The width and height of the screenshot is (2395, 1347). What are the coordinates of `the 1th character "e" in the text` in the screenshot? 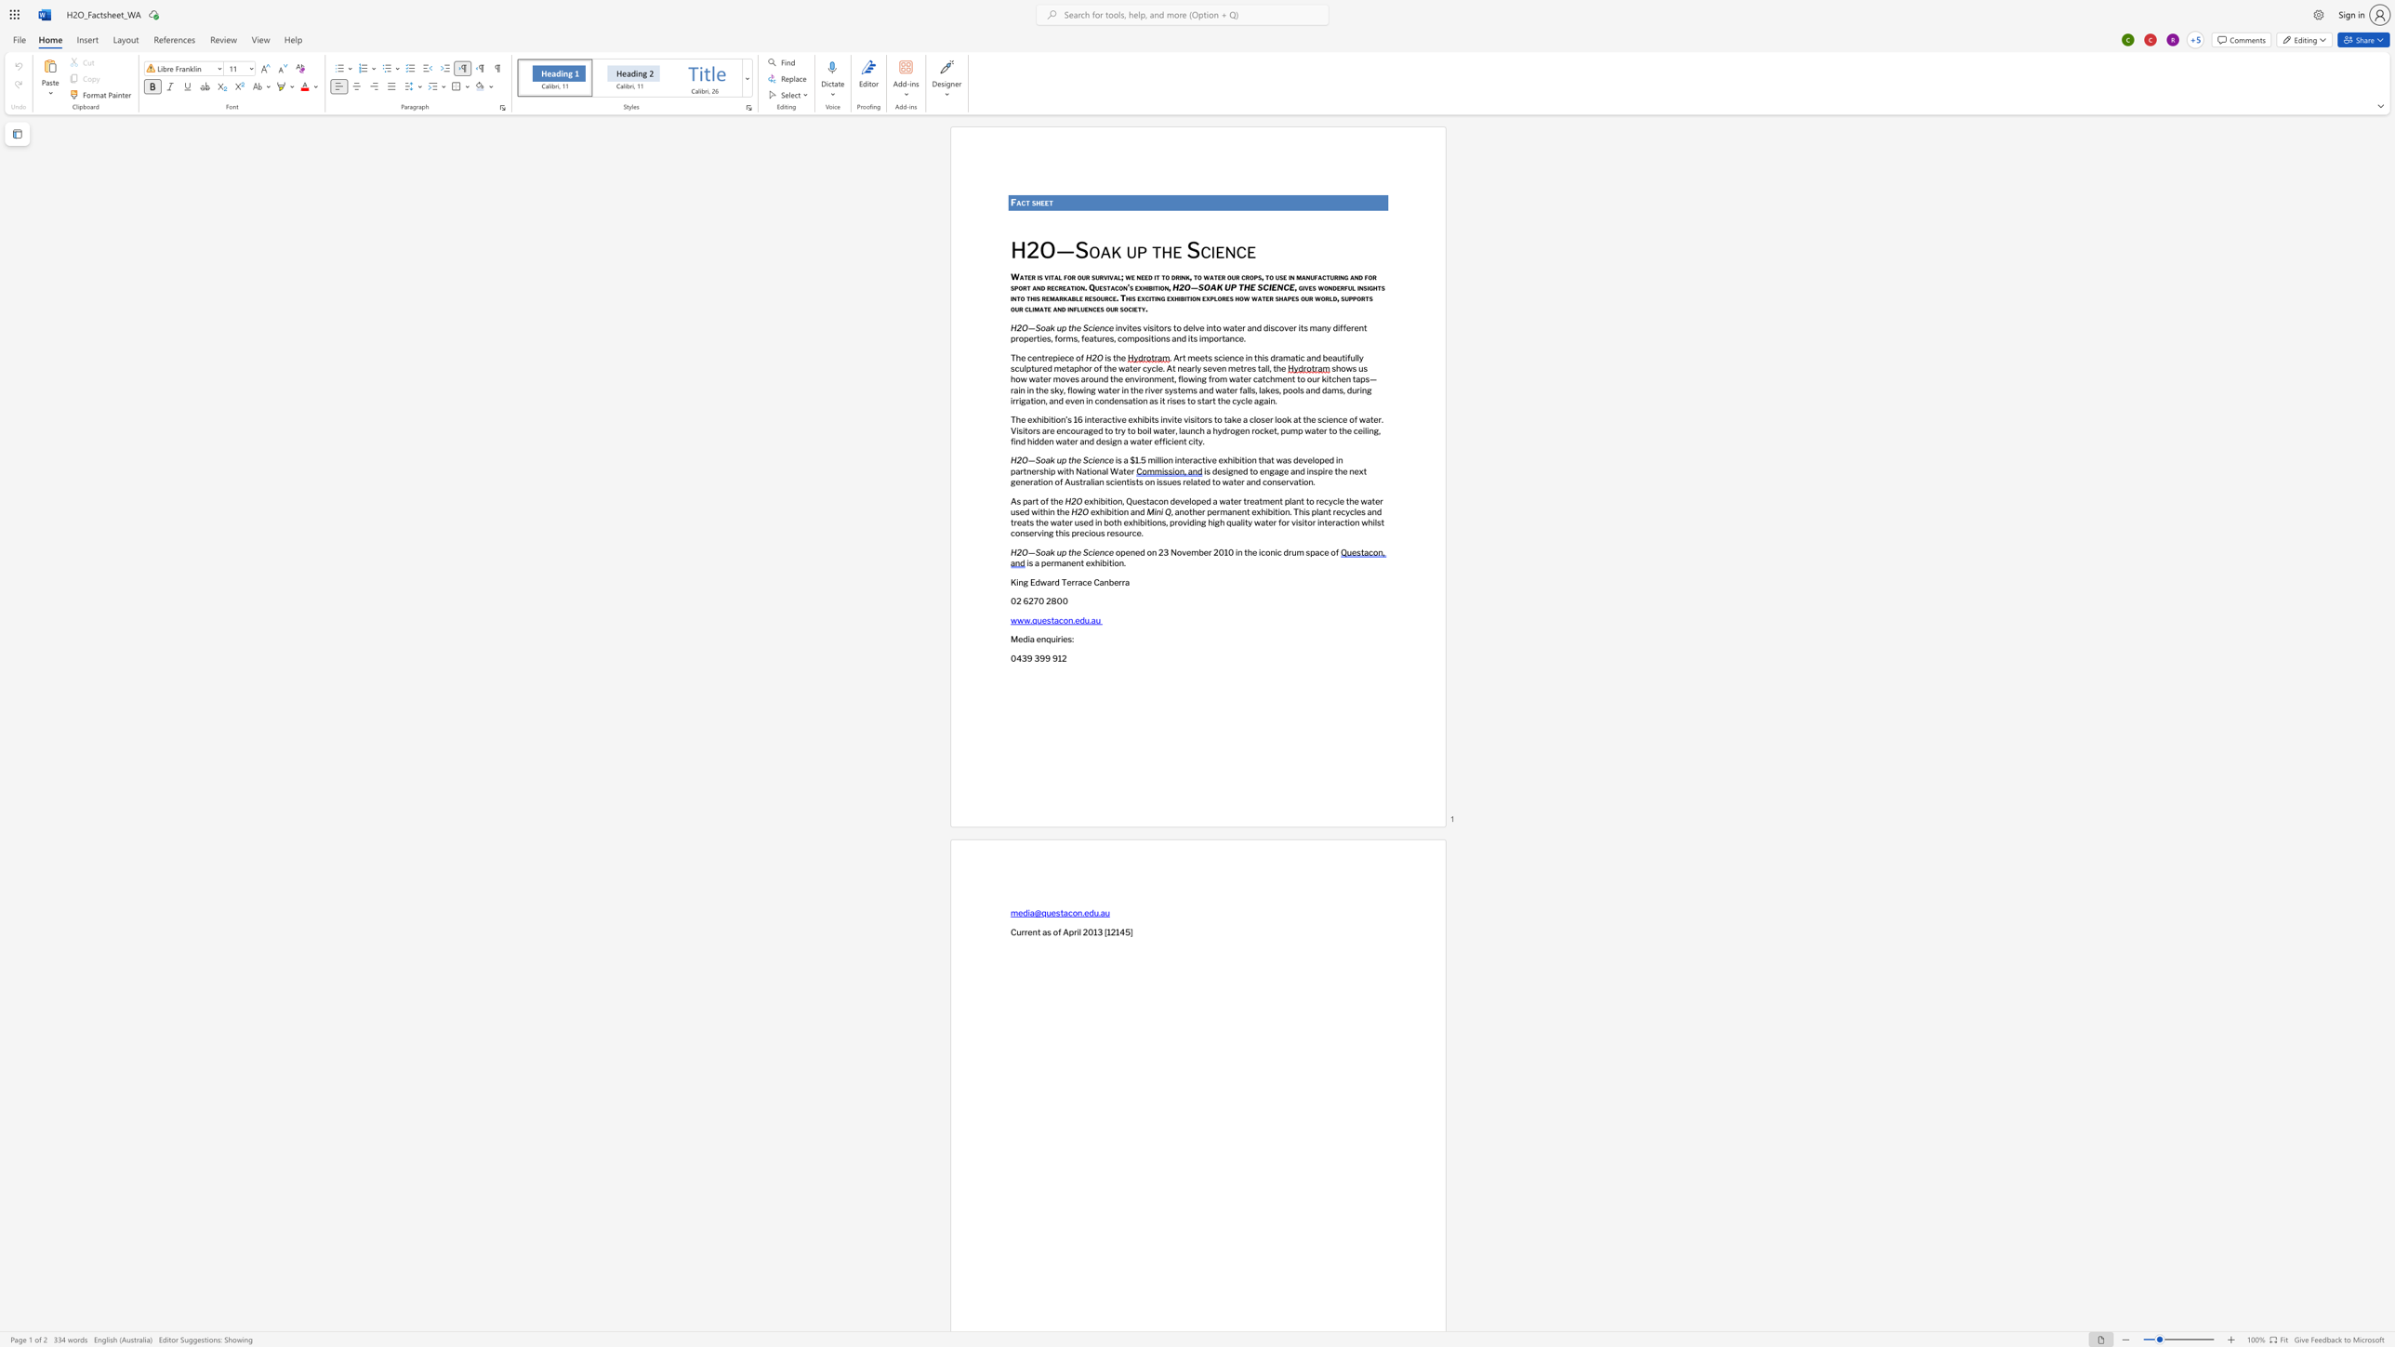 It's located at (1029, 276).